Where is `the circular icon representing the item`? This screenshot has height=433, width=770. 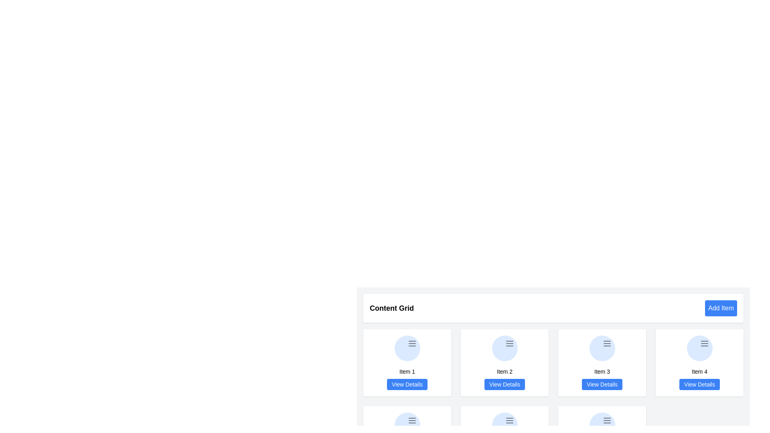 the circular icon representing the item is located at coordinates (407, 348).